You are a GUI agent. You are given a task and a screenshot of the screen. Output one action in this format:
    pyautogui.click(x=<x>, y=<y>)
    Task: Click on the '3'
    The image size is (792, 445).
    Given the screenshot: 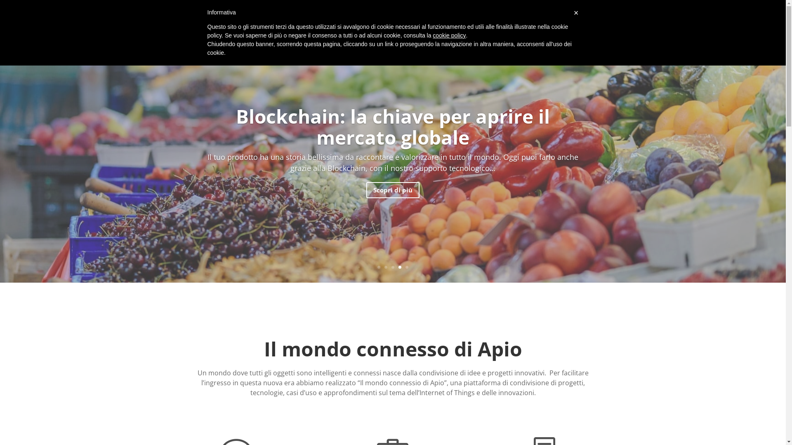 What is the action you would take?
    pyautogui.click(x=391, y=267)
    